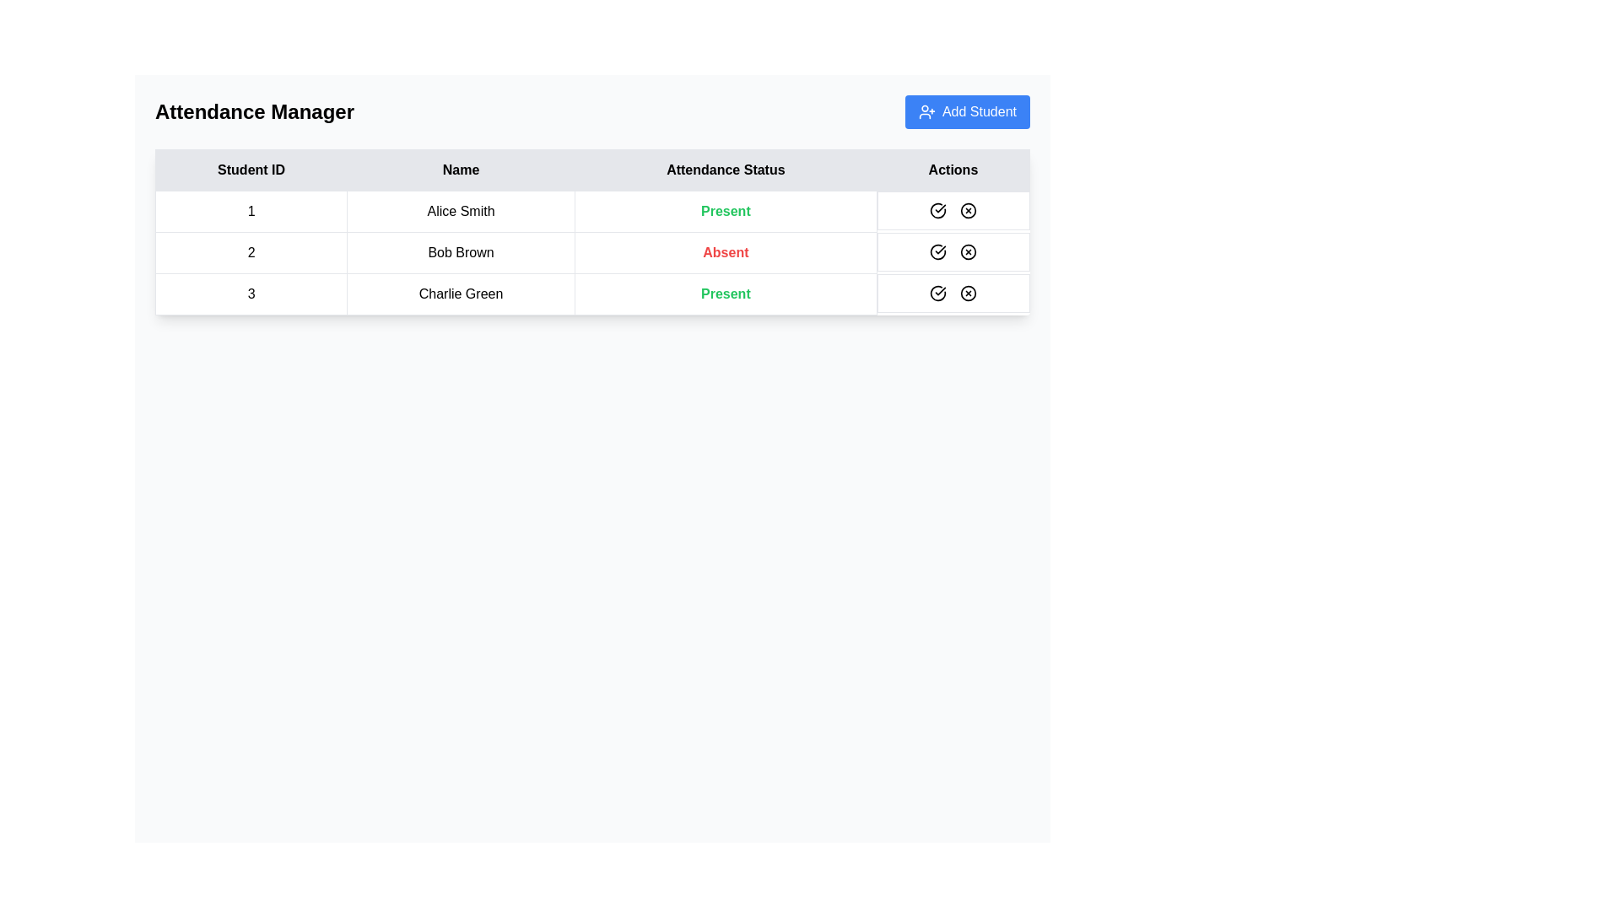 The image size is (1620, 911). Describe the element at coordinates (953, 170) in the screenshot. I see `the table header cell labeled 'Actions', which is positioned in the top-right corner of the table and is part of the 'Actions' column` at that location.